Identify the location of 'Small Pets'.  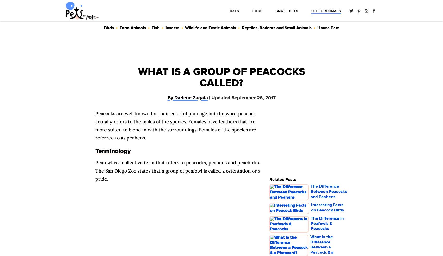
(287, 11).